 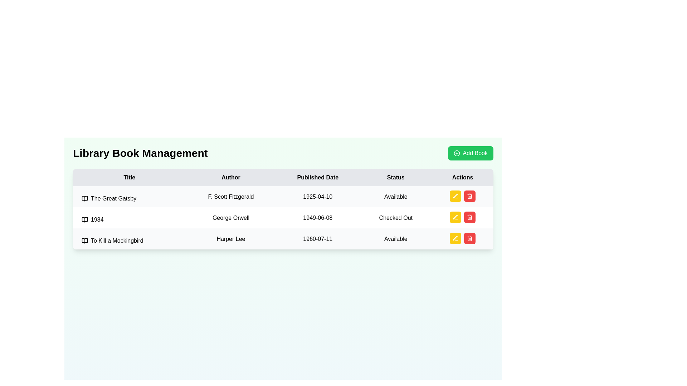 I want to click on the content of the text label displaying the publication date of the book 'To Kill a Mockingbird', located in the 'Published Date' column of the table, so click(x=317, y=239).